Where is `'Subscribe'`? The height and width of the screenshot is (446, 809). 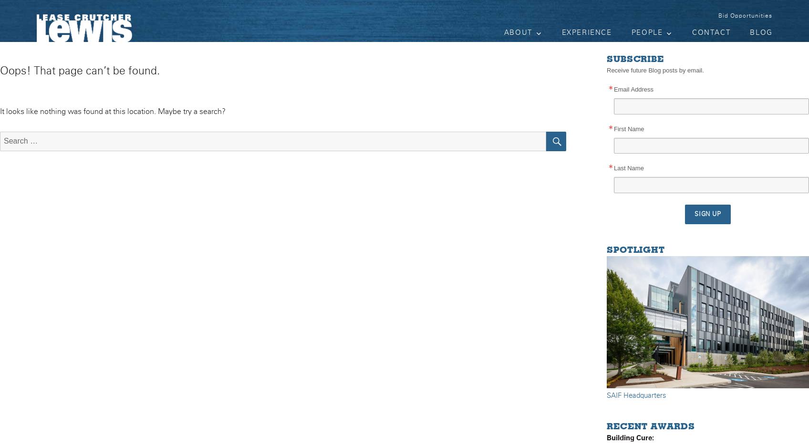
'Subscribe' is located at coordinates (635, 59).